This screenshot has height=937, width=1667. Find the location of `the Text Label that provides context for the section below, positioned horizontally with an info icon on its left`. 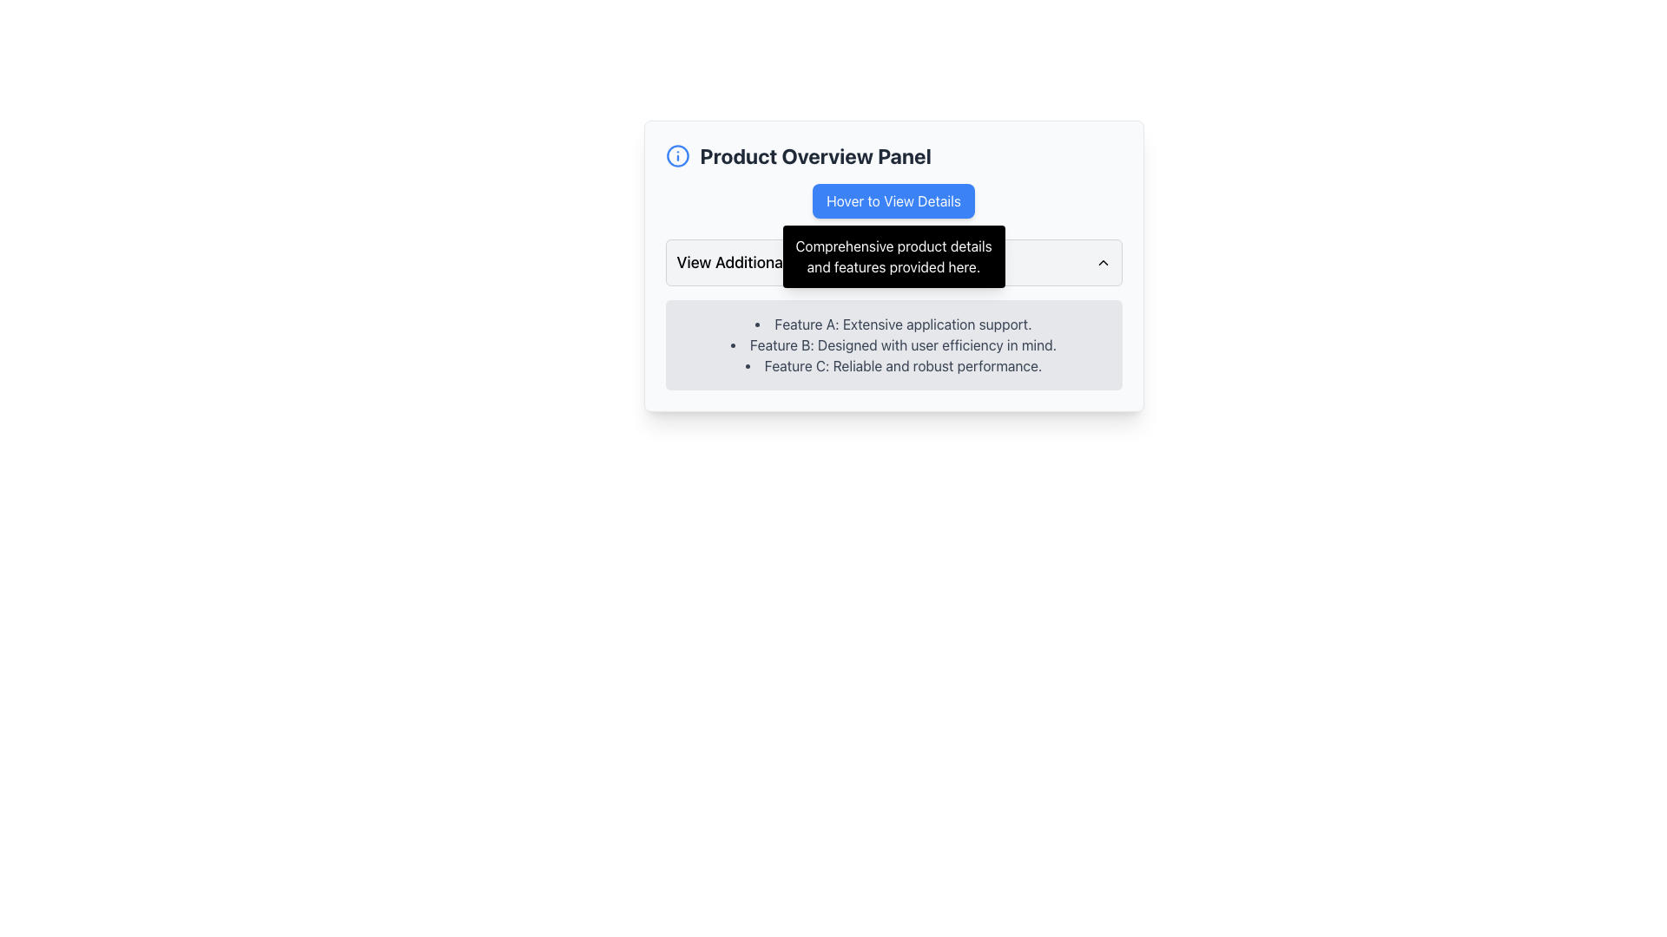

the Text Label that provides context for the section below, positioned horizontally with an info icon on its left is located at coordinates (814, 156).